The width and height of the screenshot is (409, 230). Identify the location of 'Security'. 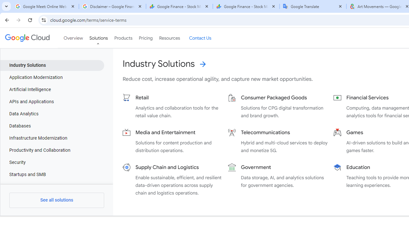
(52, 162).